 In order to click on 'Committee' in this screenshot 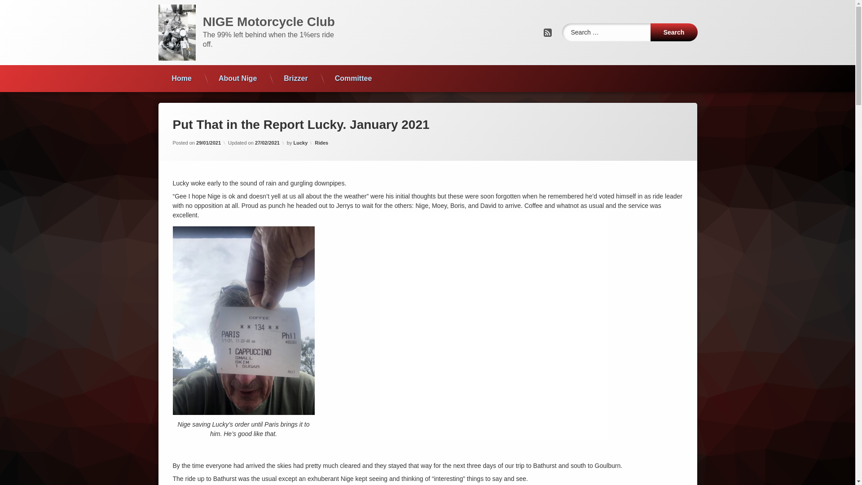, I will do `click(353, 78)`.